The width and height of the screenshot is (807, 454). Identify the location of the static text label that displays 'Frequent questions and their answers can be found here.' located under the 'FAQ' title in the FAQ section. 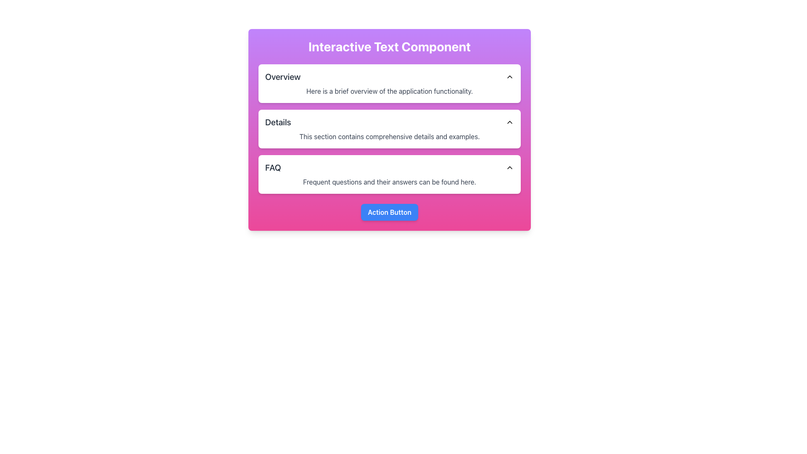
(389, 181).